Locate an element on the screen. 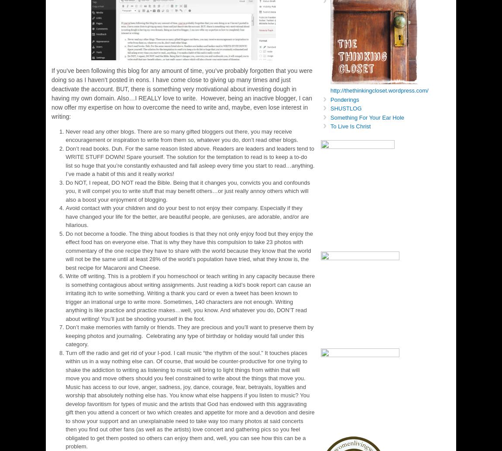  'Don’t read books. Duh. For the same reason listed above. Readers are leaders and leaders tend to WRITE STUFF DOWN! Spare yourself. The solution for the temptation to read is to keep a to-do list so huge that you’re constantly exhausted and fall asleep every time you start to read…anything. I’ve made a habit of this and it really works!' is located at coordinates (65, 161).